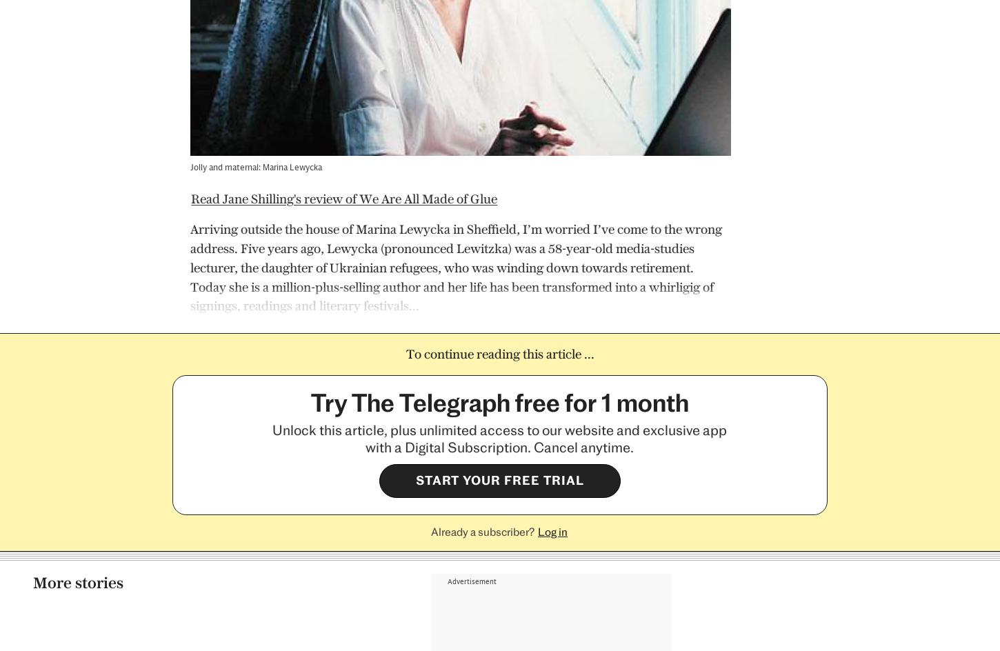  Describe the element at coordinates (65, 628) in the screenshot. I see `'Branded Content'` at that location.